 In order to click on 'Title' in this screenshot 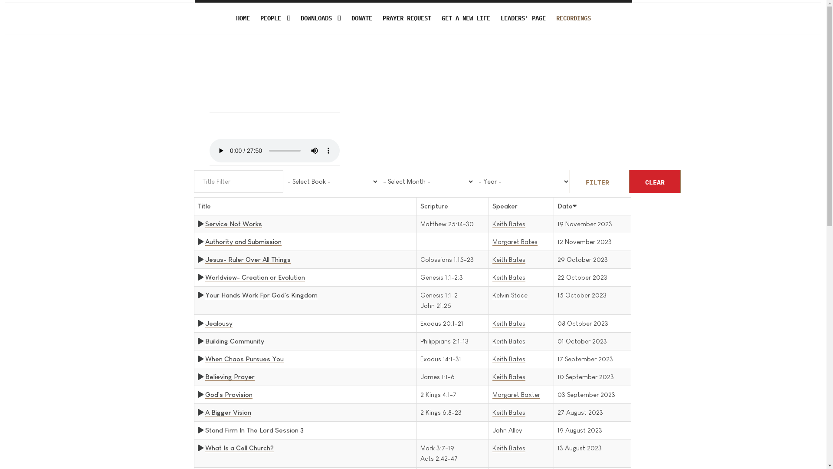, I will do `click(203, 206)`.